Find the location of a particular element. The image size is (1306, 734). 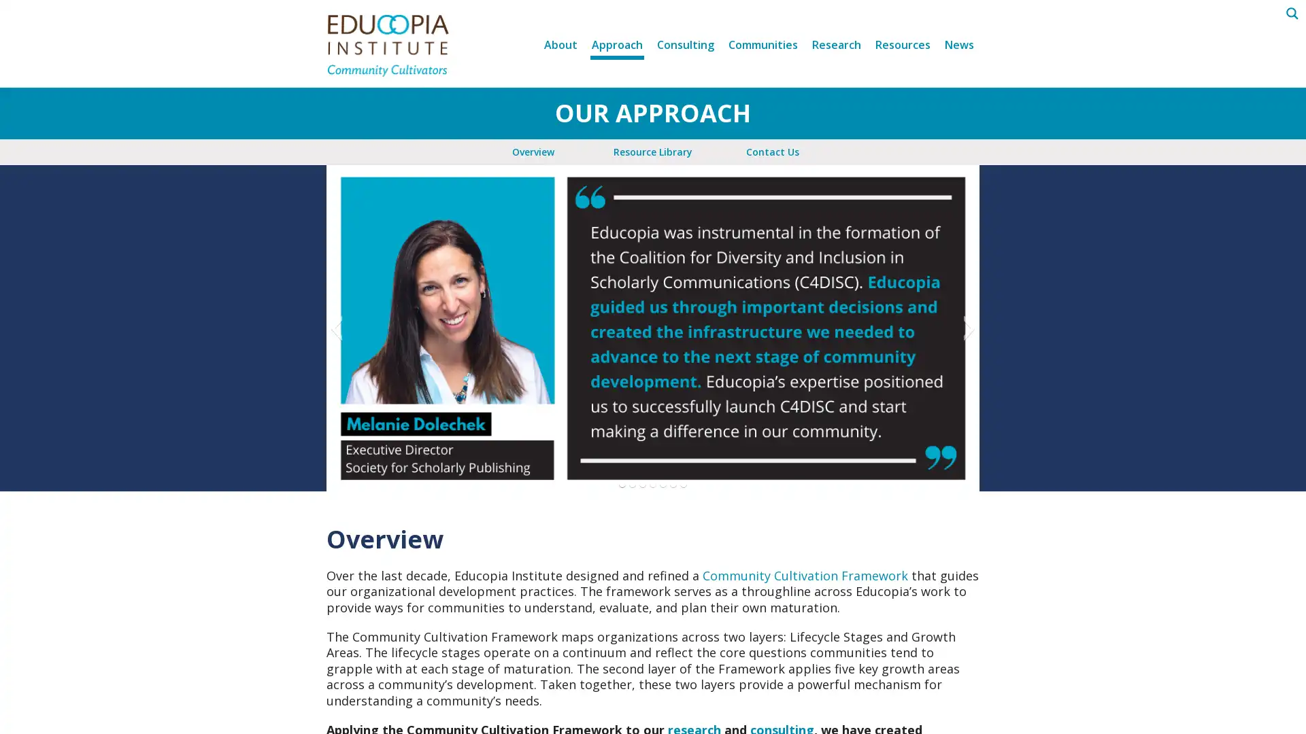

Next is located at coordinates (969, 328).